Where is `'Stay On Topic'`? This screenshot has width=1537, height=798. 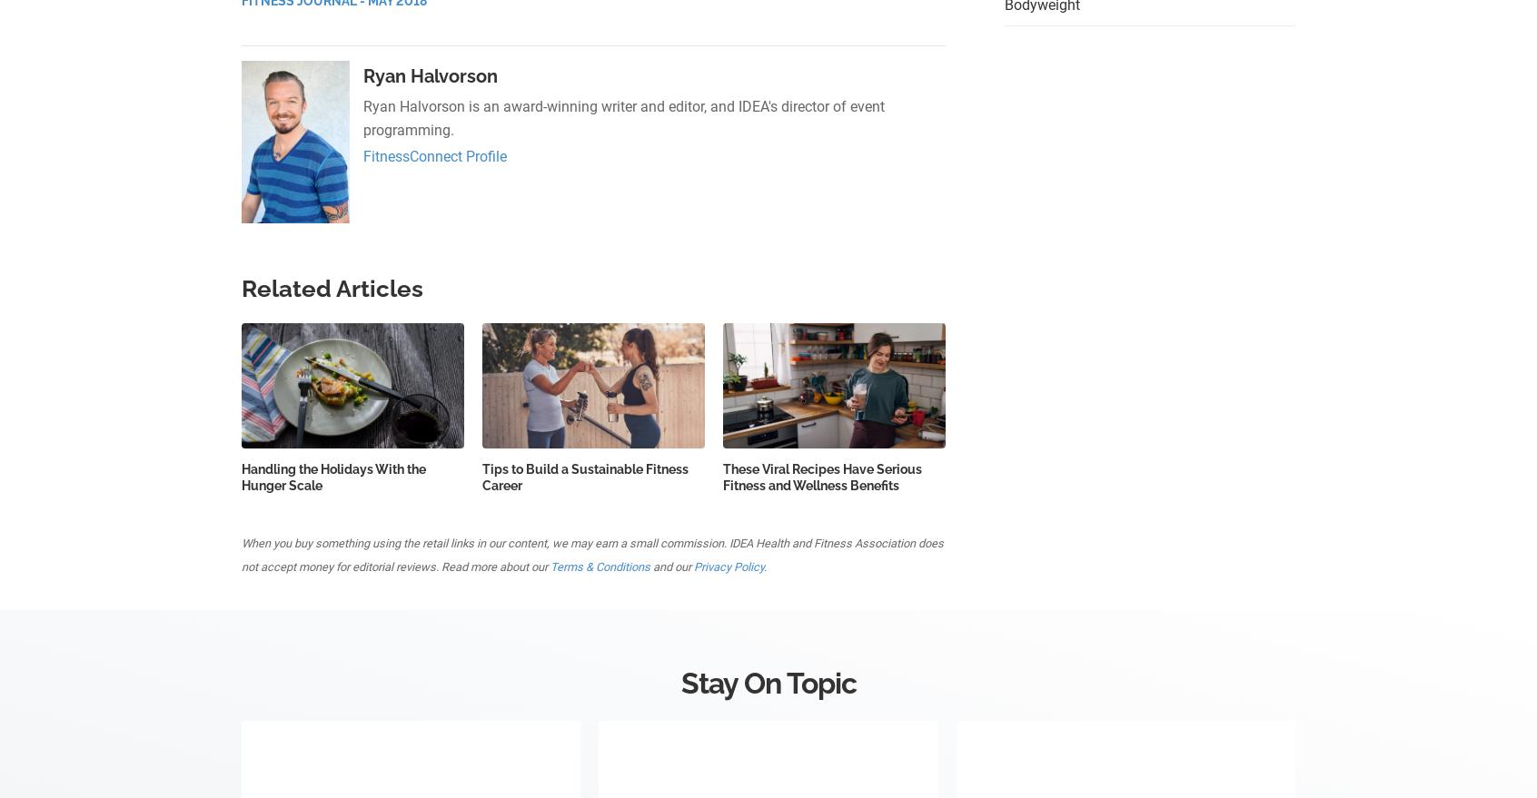 'Stay On Topic' is located at coordinates (768, 682).